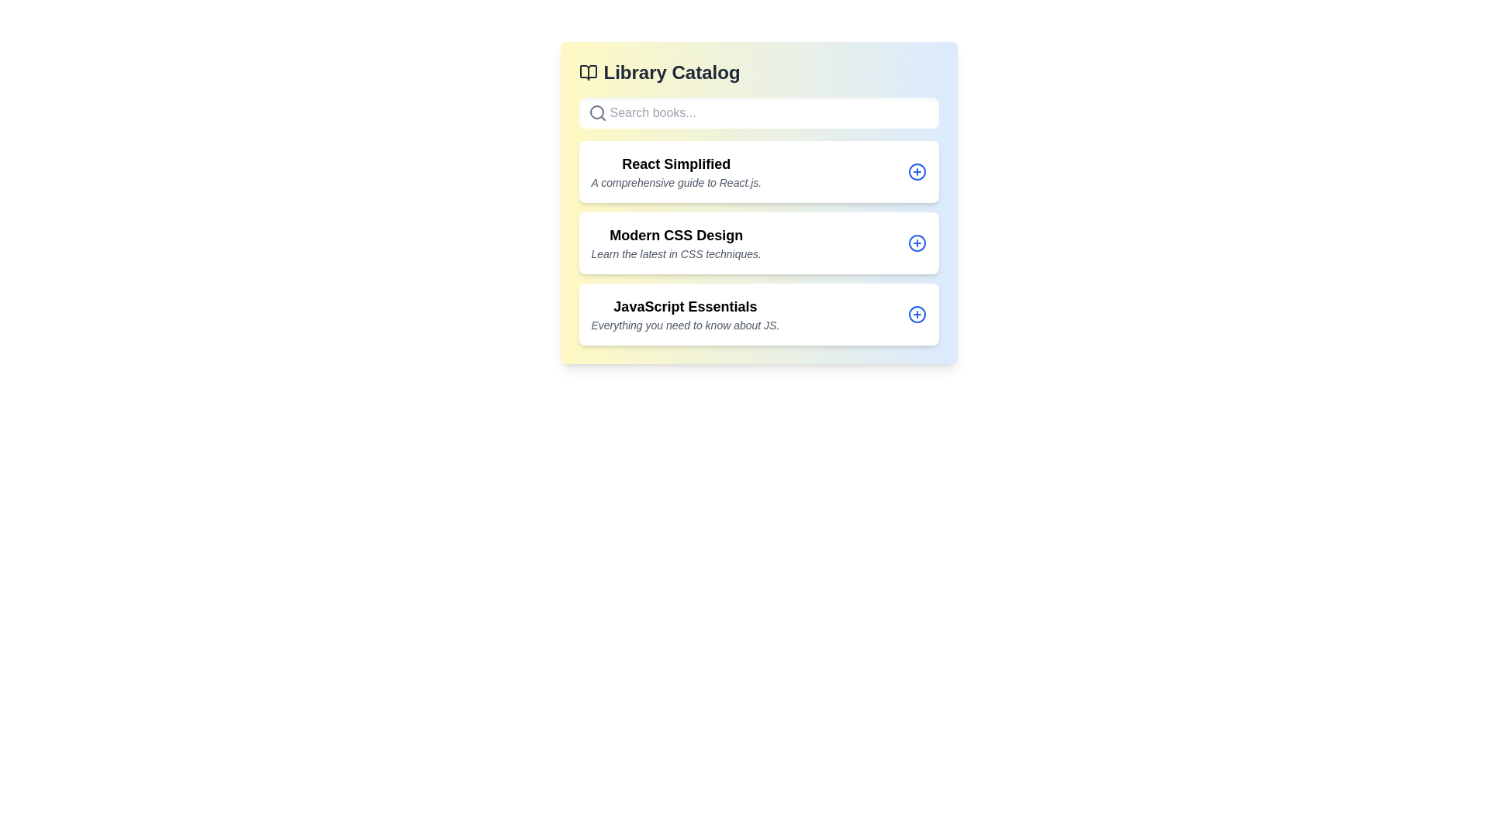  What do you see at coordinates (758, 243) in the screenshot?
I see `the book entry corresponding to the title Modern CSS Design to view its details` at bounding box center [758, 243].